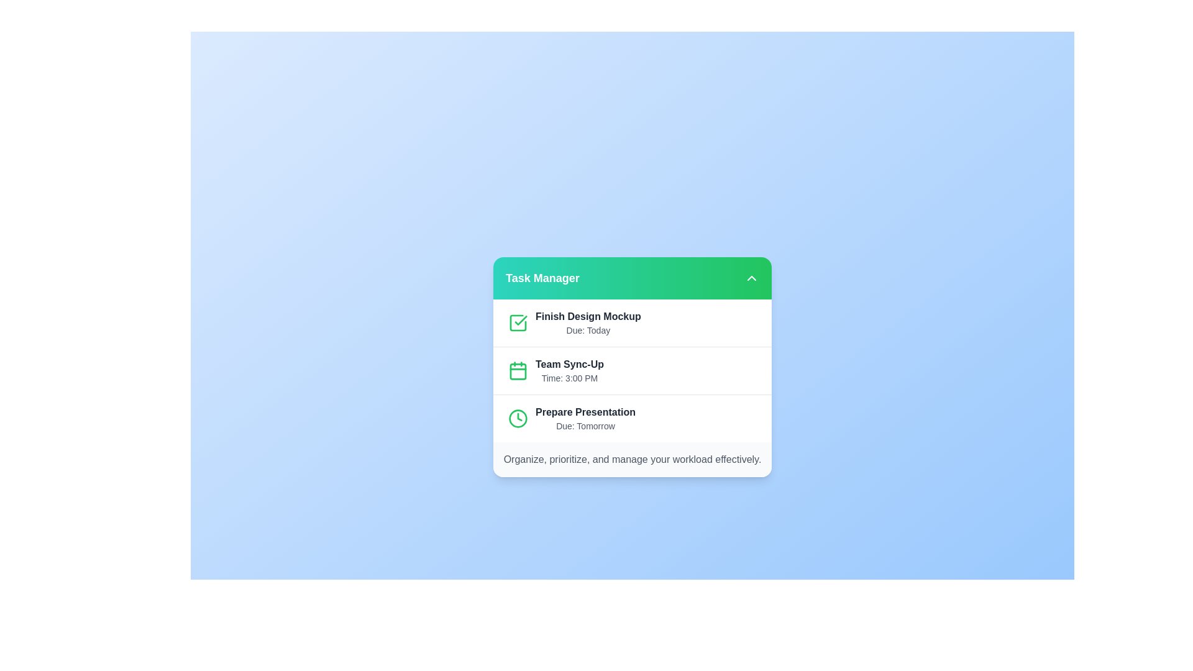 This screenshot has width=1193, height=671. I want to click on the task item 'Finish Design Mockup' by clicking on it, so click(587, 316).